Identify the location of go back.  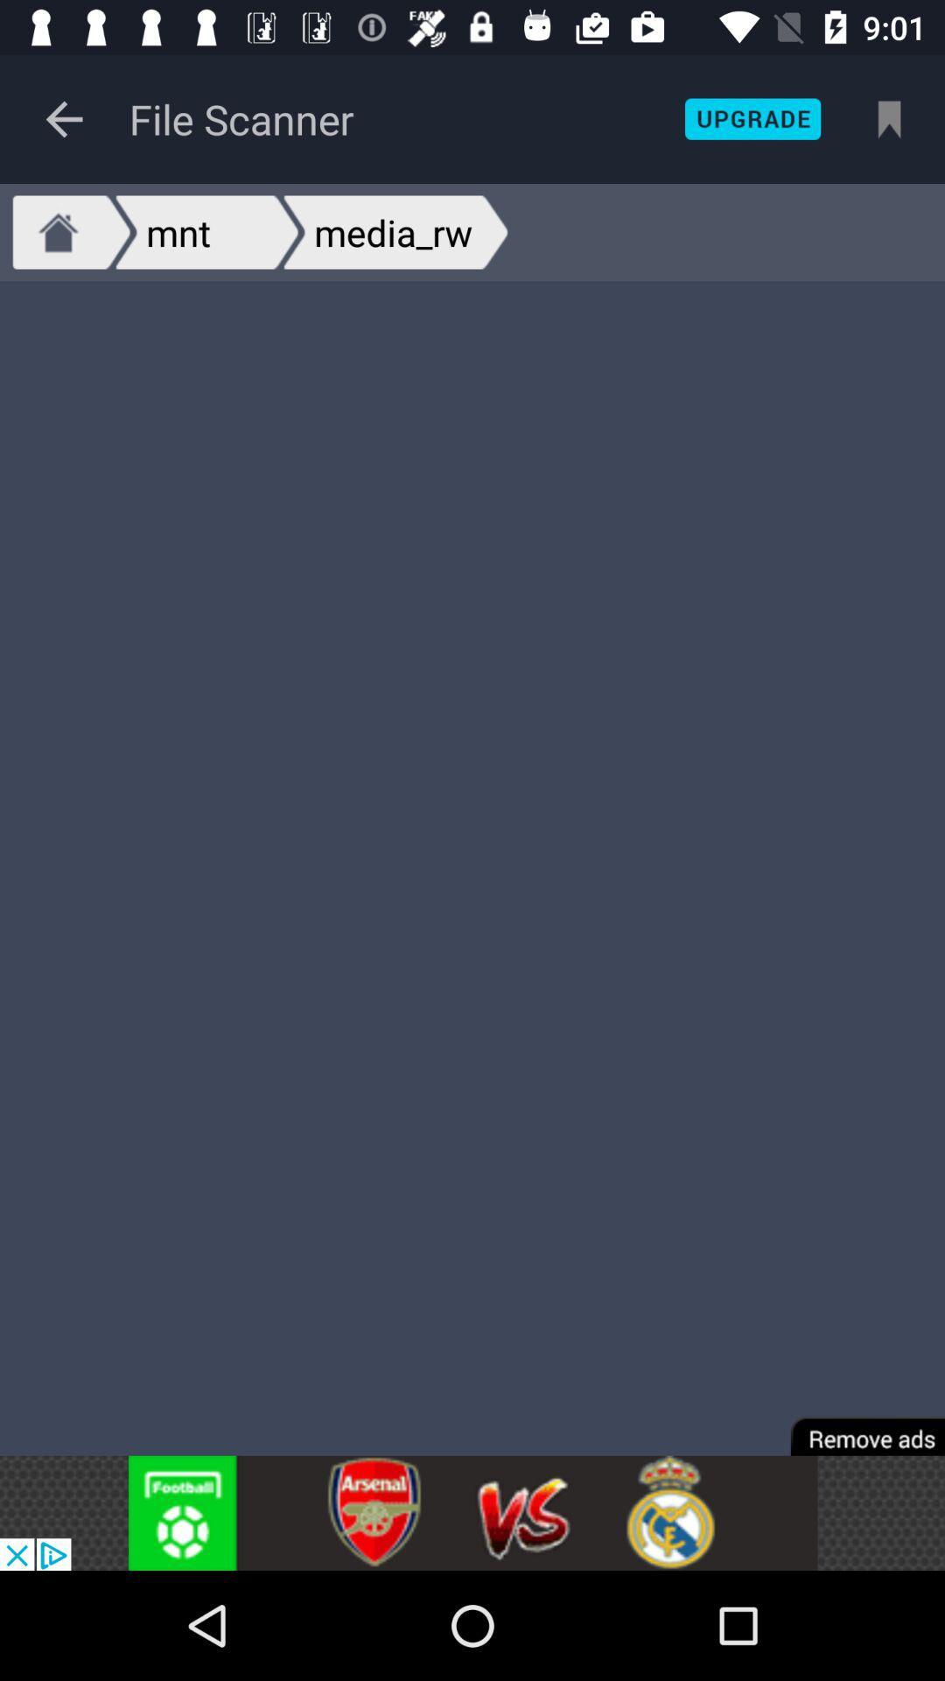
(63, 118).